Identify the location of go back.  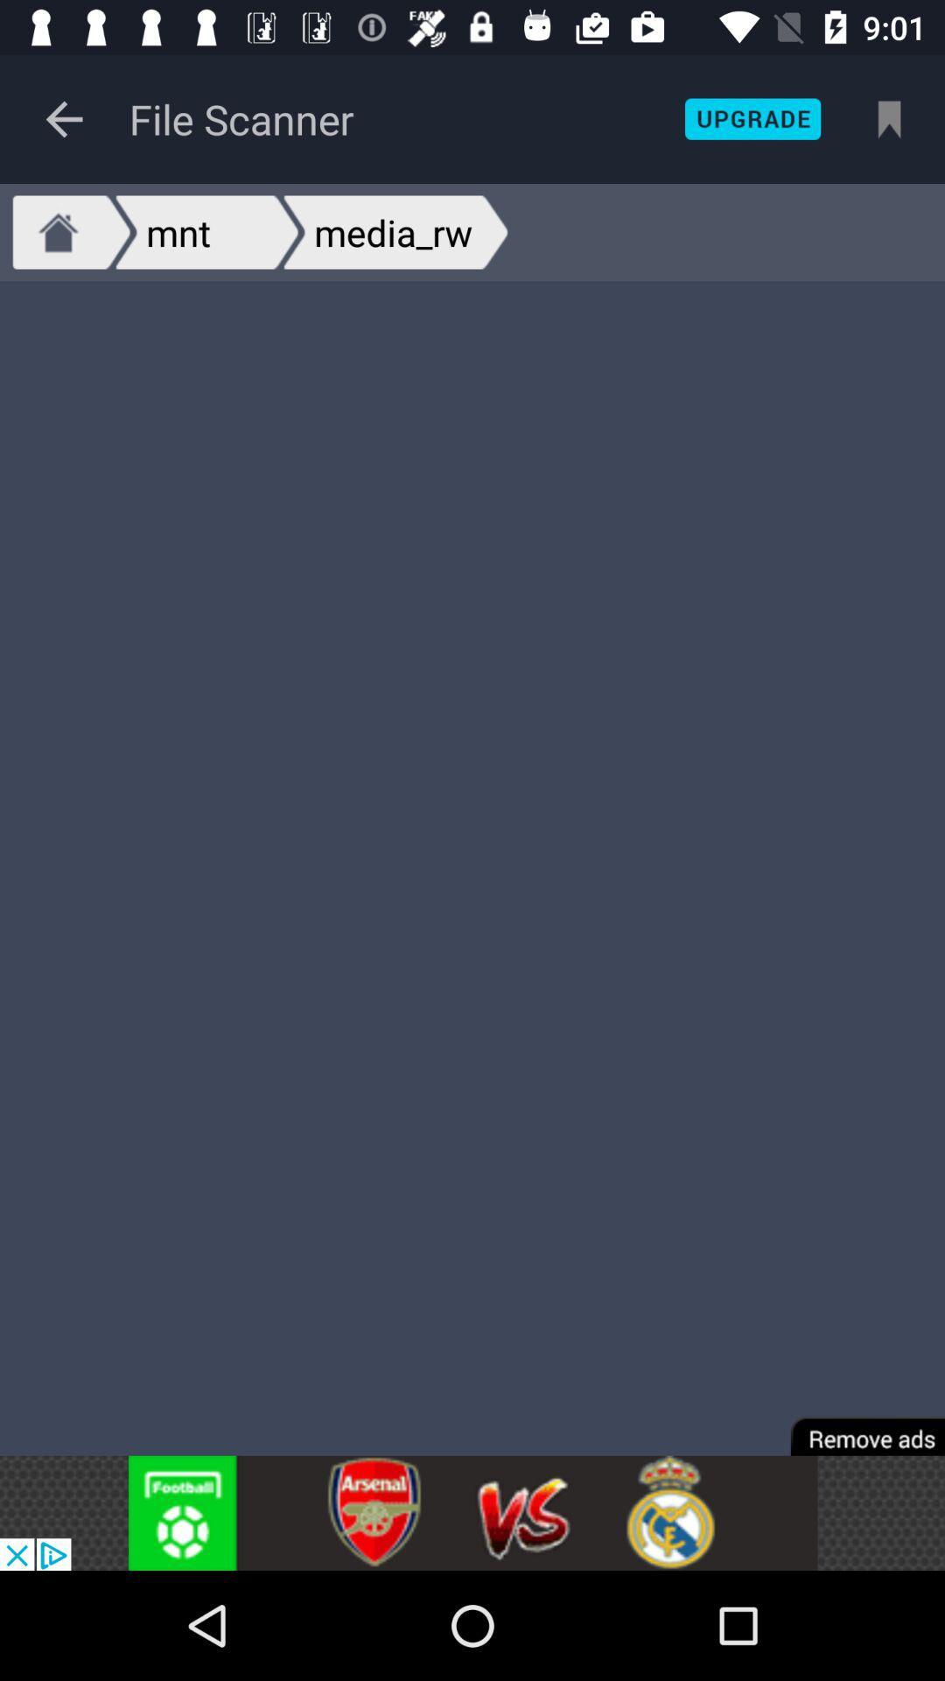
(63, 118).